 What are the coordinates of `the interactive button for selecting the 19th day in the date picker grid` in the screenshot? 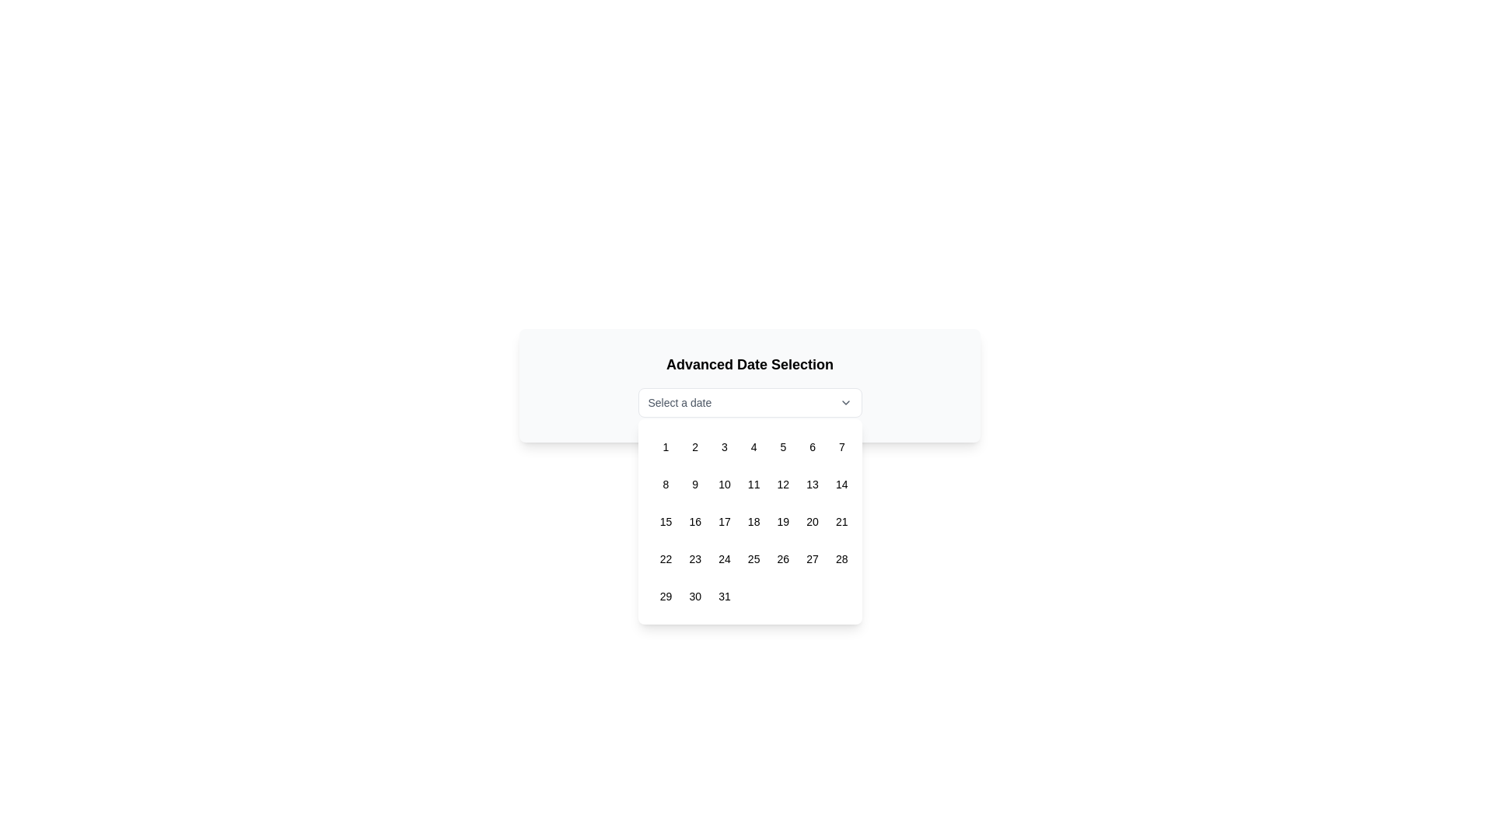 It's located at (783, 522).